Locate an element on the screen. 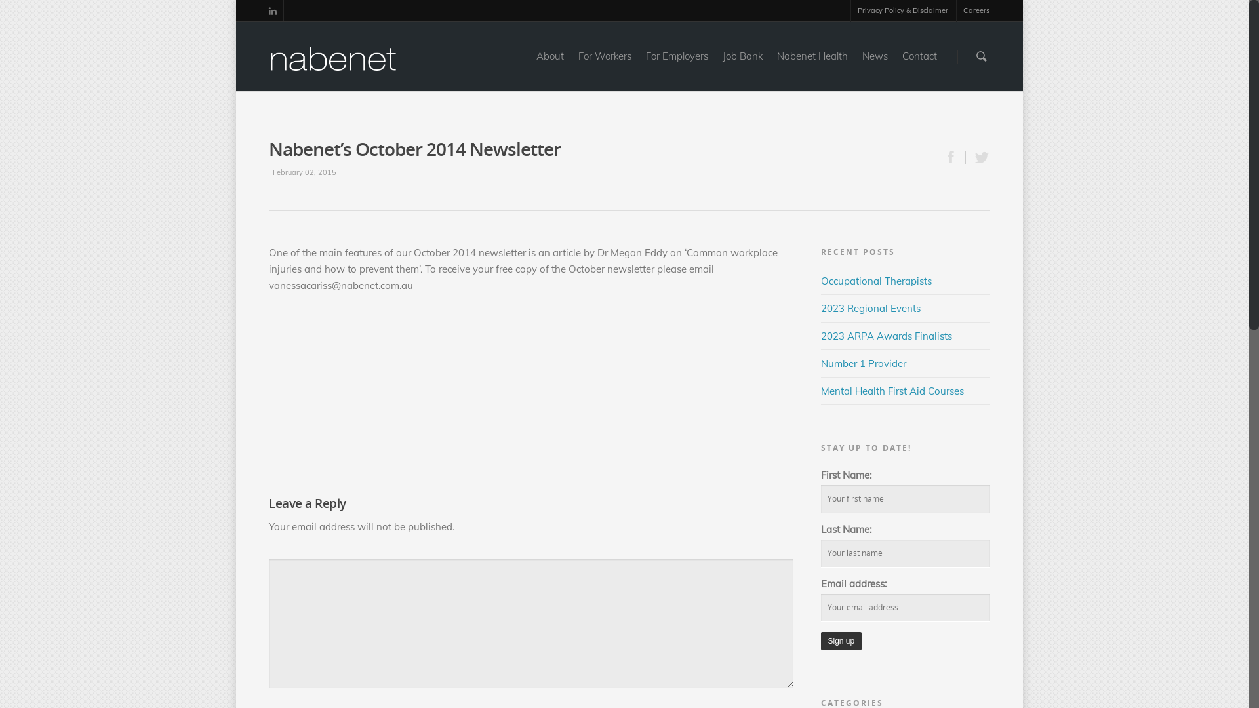  'For Employers' is located at coordinates (677, 66).